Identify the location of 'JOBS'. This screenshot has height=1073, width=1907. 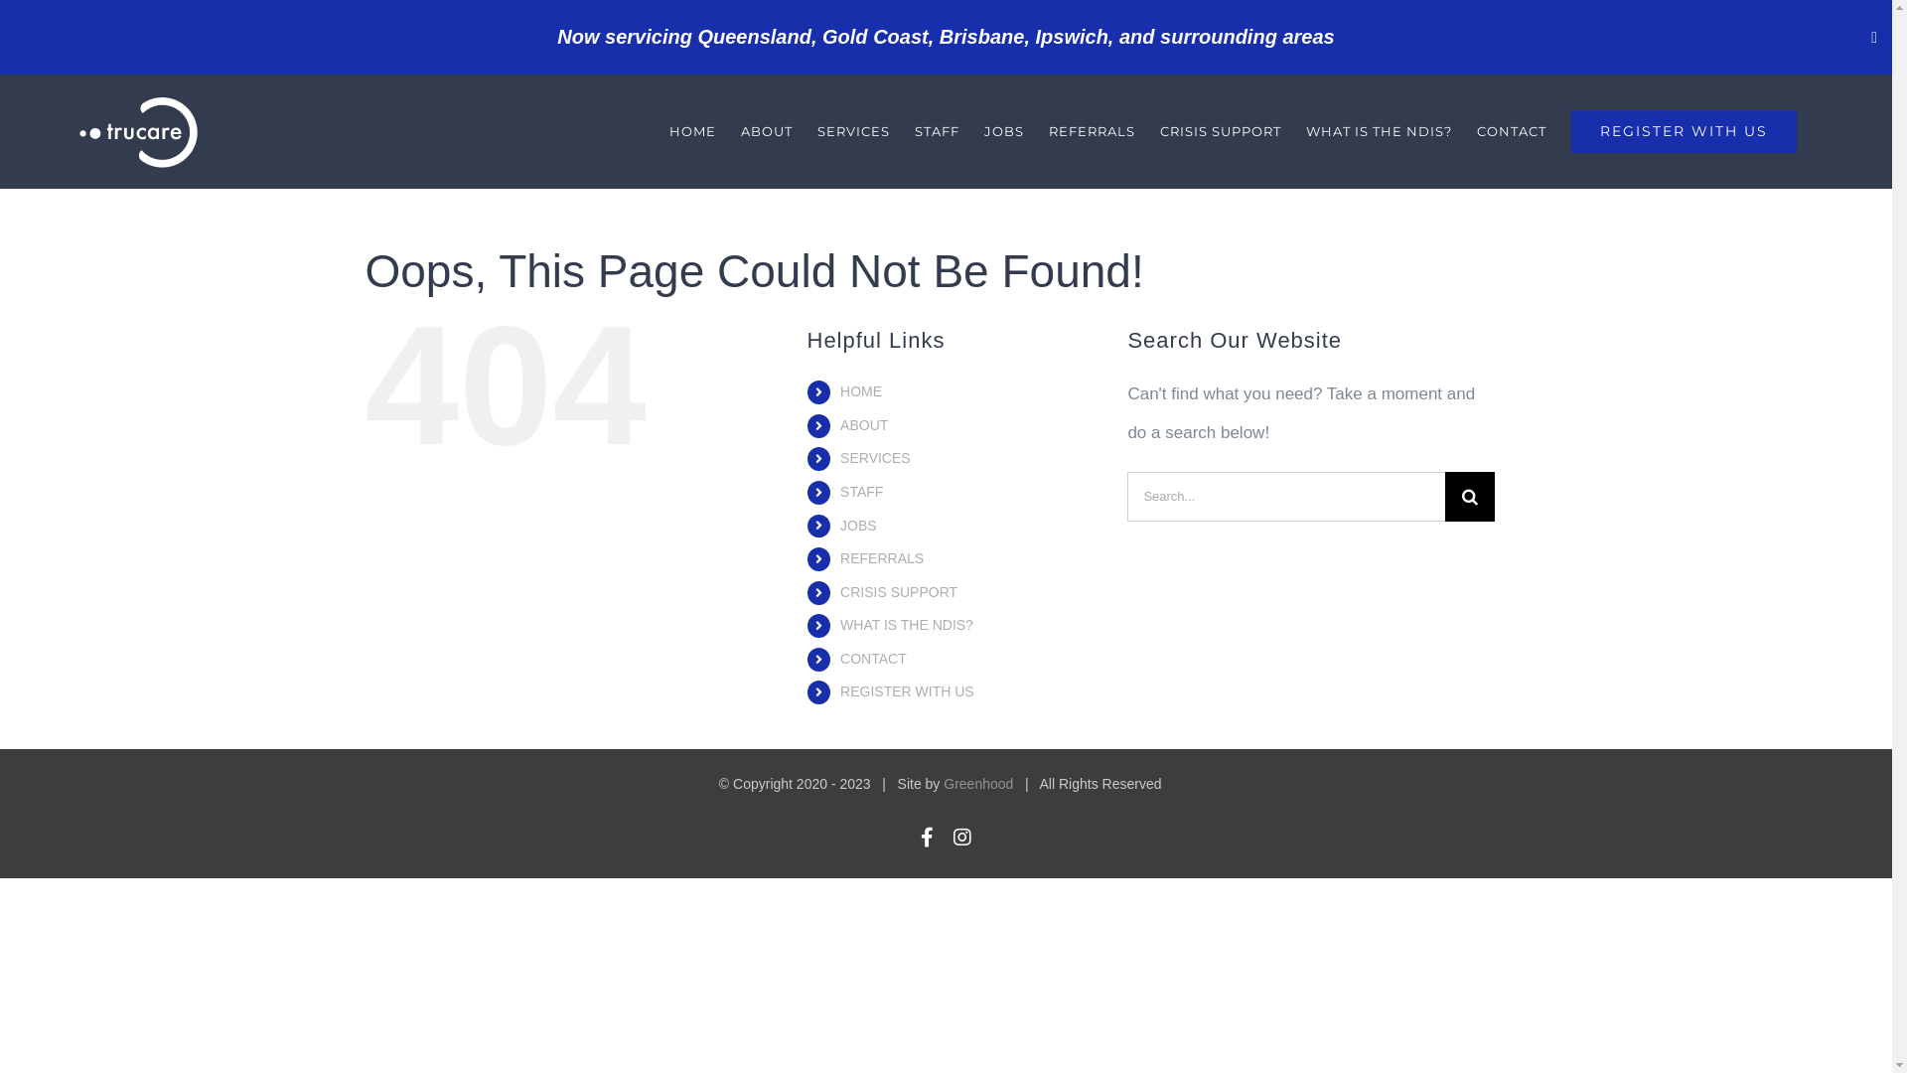
(839, 524).